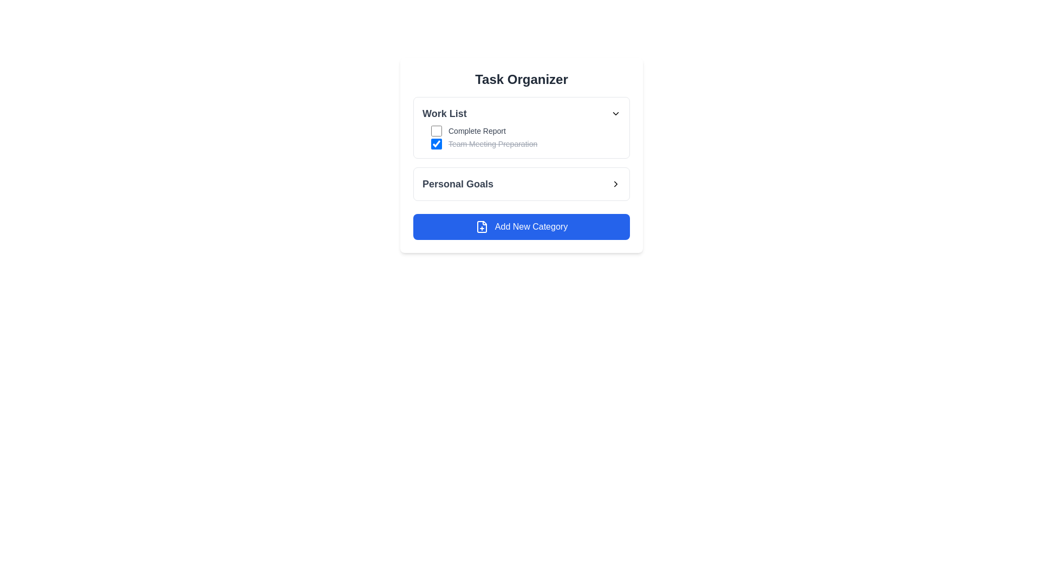 This screenshot has width=1040, height=585. I want to click on the checkbox, so click(437, 131).